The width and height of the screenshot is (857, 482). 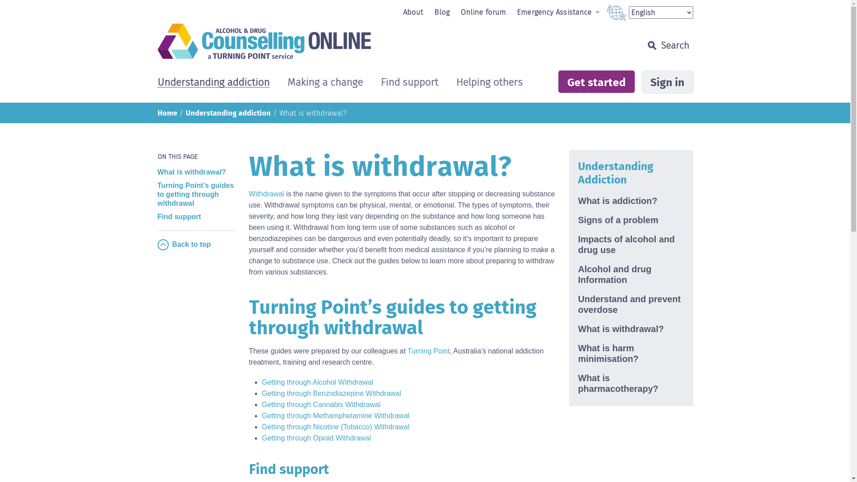 What do you see at coordinates (640, 81) in the screenshot?
I see `'Sign in'` at bounding box center [640, 81].